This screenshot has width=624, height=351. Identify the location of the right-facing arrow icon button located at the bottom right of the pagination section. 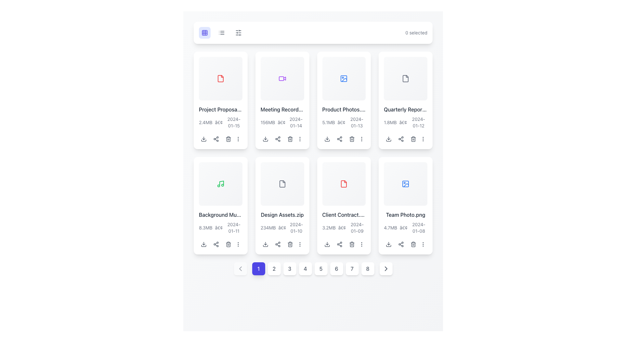
(386, 268).